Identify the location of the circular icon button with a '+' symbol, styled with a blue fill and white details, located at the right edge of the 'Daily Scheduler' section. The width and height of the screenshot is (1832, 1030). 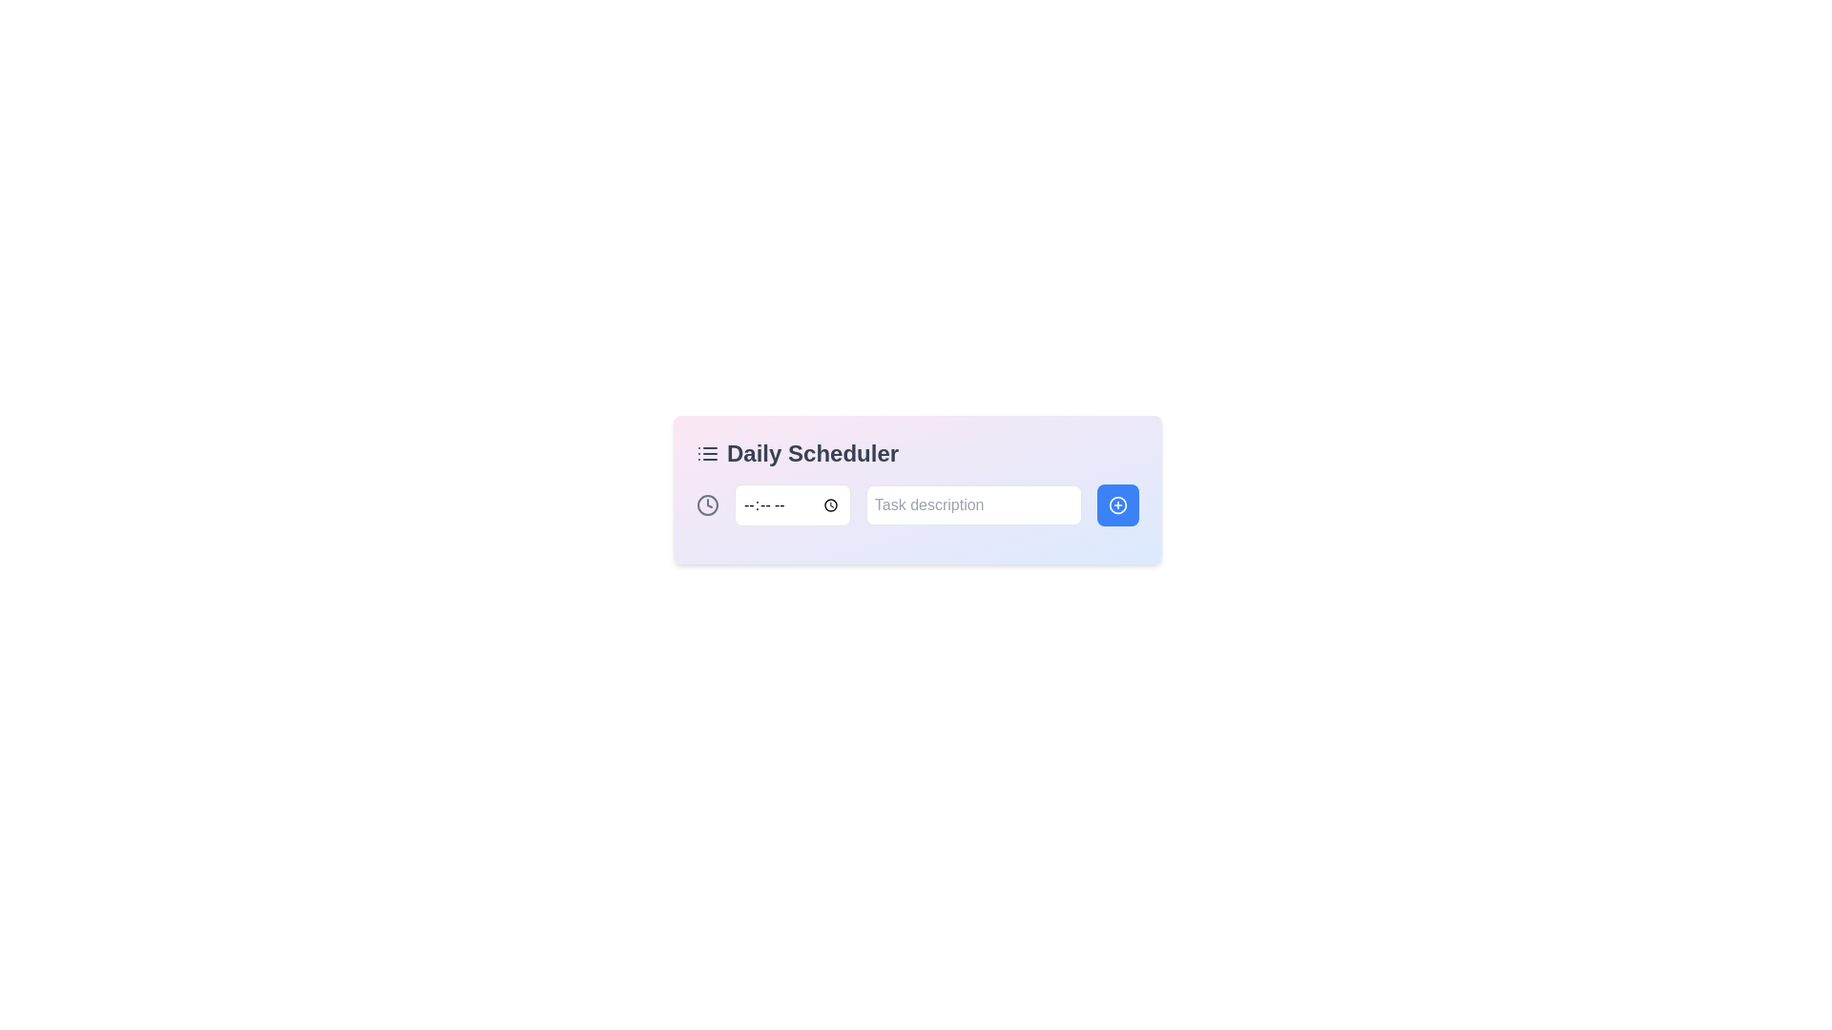
(1117, 504).